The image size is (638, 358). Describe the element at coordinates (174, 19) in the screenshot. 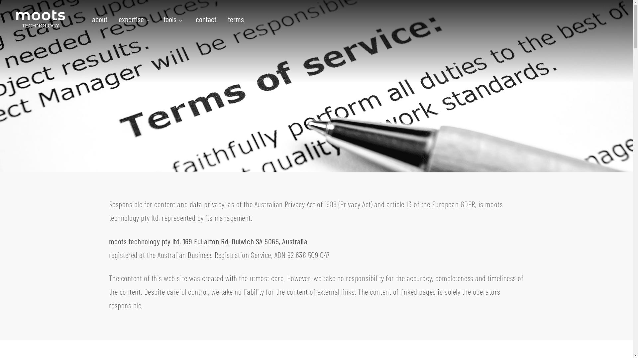

I see `'tools'` at that location.